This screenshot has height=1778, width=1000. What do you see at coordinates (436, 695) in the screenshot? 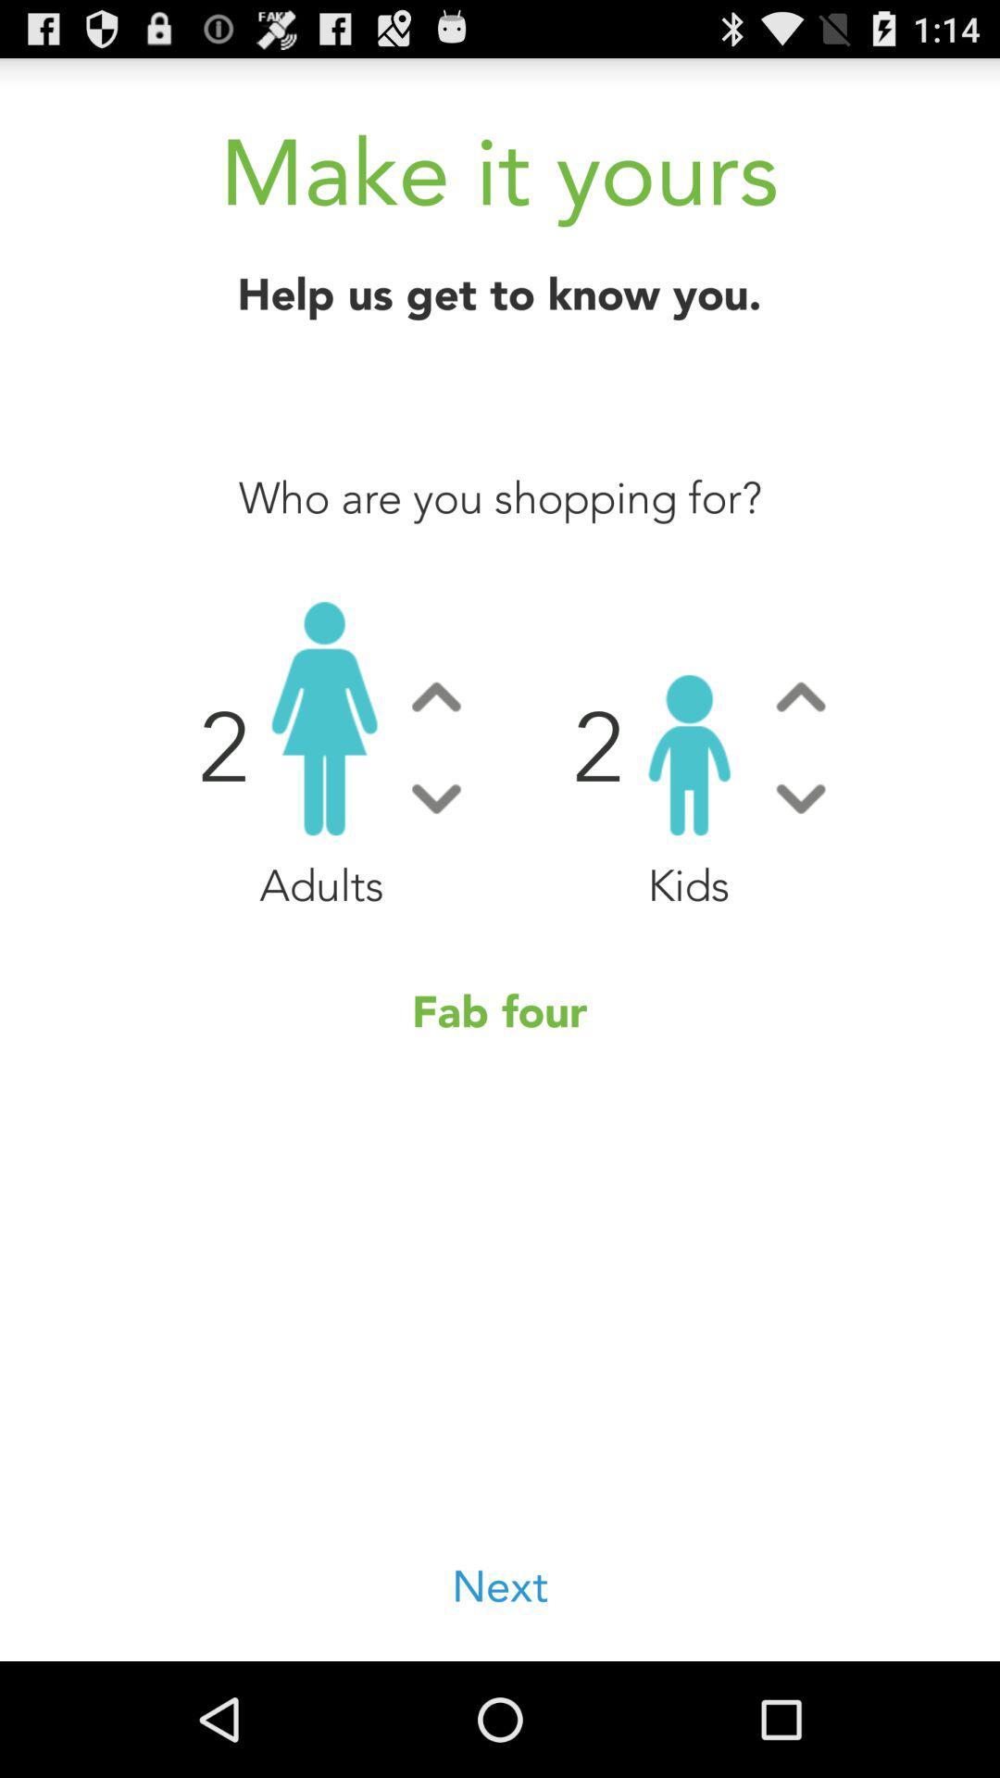
I see `move up` at bounding box center [436, 695].